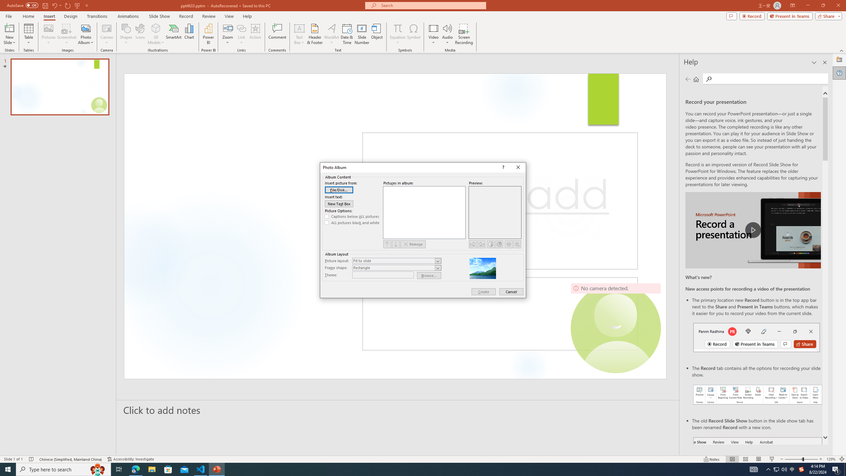 The height and width of the screenshot is (476, 846). I want to click on 'Chart...', so click(189, 34).